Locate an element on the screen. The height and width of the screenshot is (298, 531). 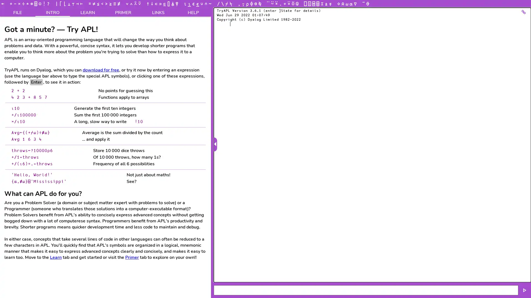
INTRO is located at coordinates (53, 12).